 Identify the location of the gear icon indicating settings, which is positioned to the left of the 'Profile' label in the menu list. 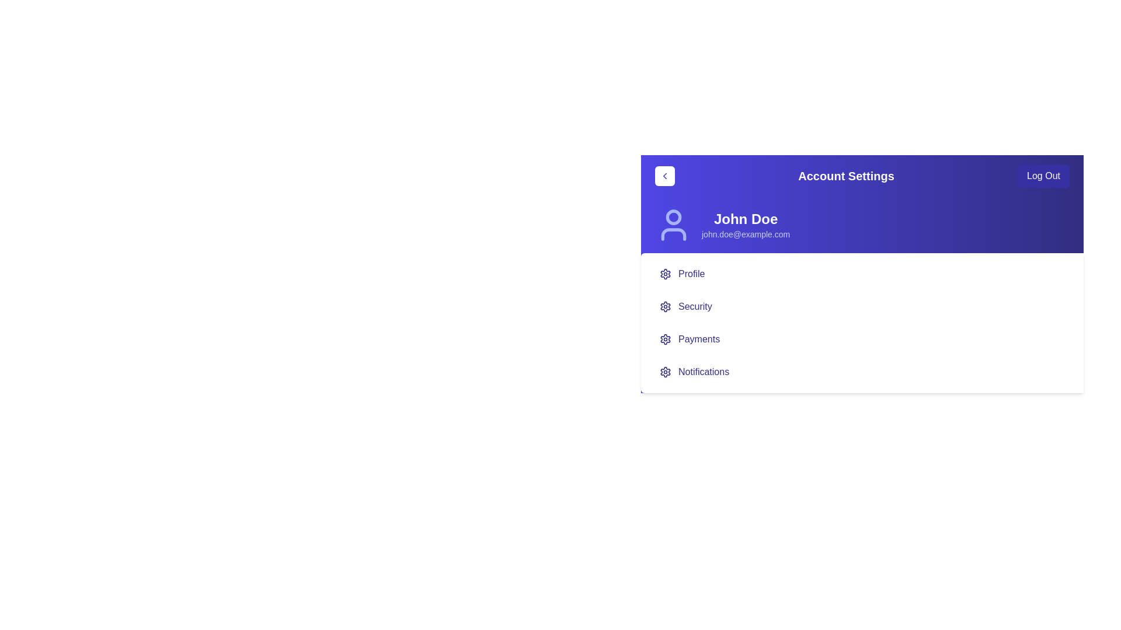
(666, 274).